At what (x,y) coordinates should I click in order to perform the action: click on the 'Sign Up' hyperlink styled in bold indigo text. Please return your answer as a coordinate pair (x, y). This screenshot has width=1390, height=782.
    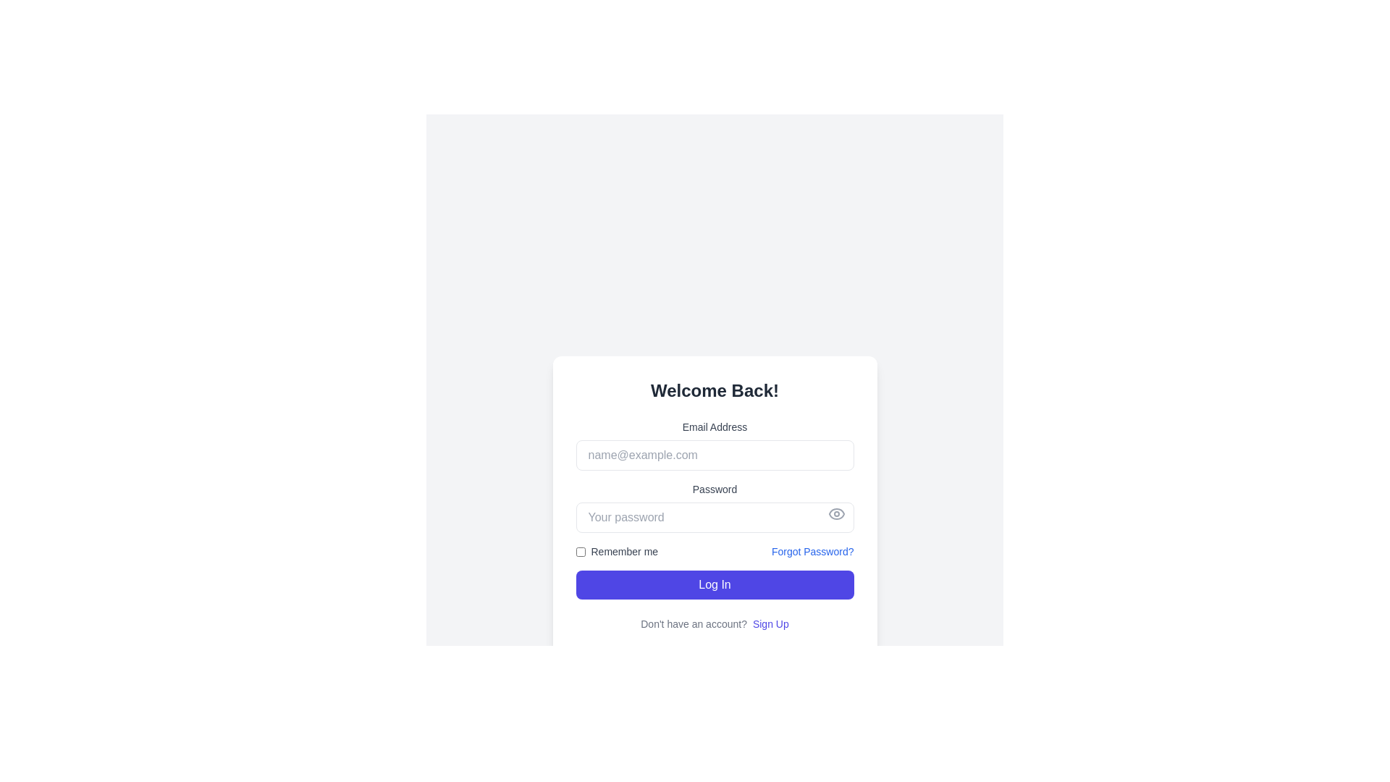
    Looking at the image, I should click on (770, 623).